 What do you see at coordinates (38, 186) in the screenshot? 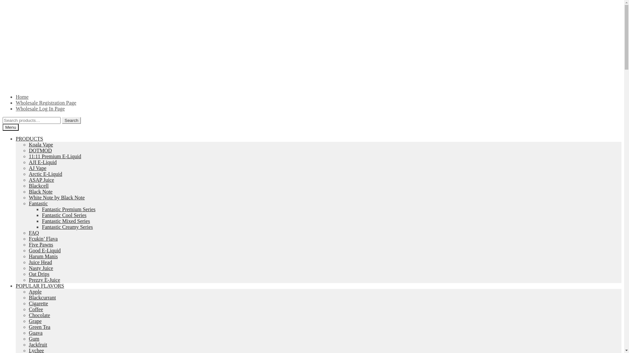
I see `'Blackcell'` at bounding box center [38, 186].